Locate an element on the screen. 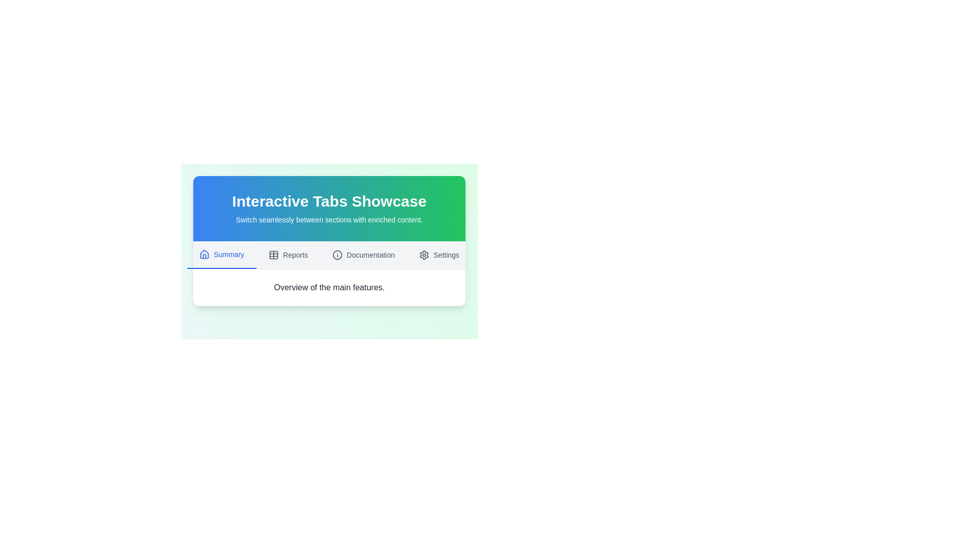  the icon in the Navigation bar with labeled icons is located at coordinates (329, 255).